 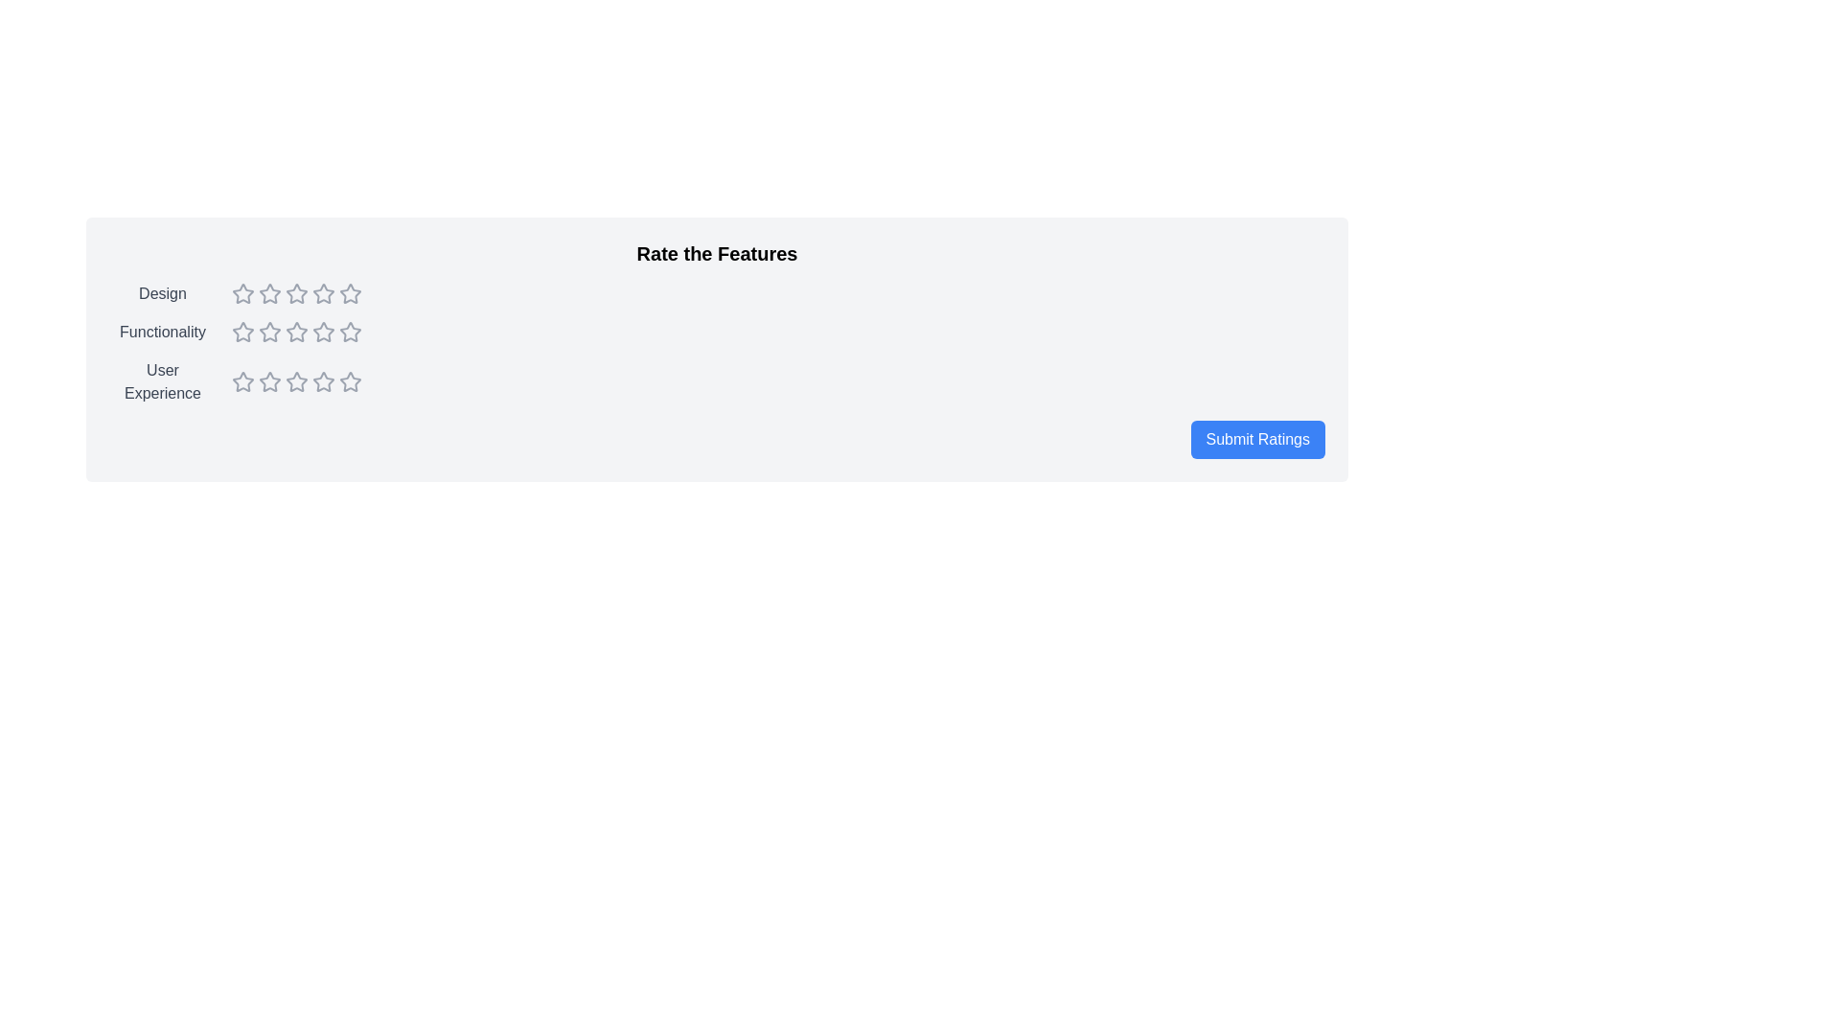 What do you see at coordinates (269, 294) in the screenshot?
I see `the second star icon in the row of five stars to give a two-star rating for the 'Design' category in the feedback form` at bounding box center [269, 294].